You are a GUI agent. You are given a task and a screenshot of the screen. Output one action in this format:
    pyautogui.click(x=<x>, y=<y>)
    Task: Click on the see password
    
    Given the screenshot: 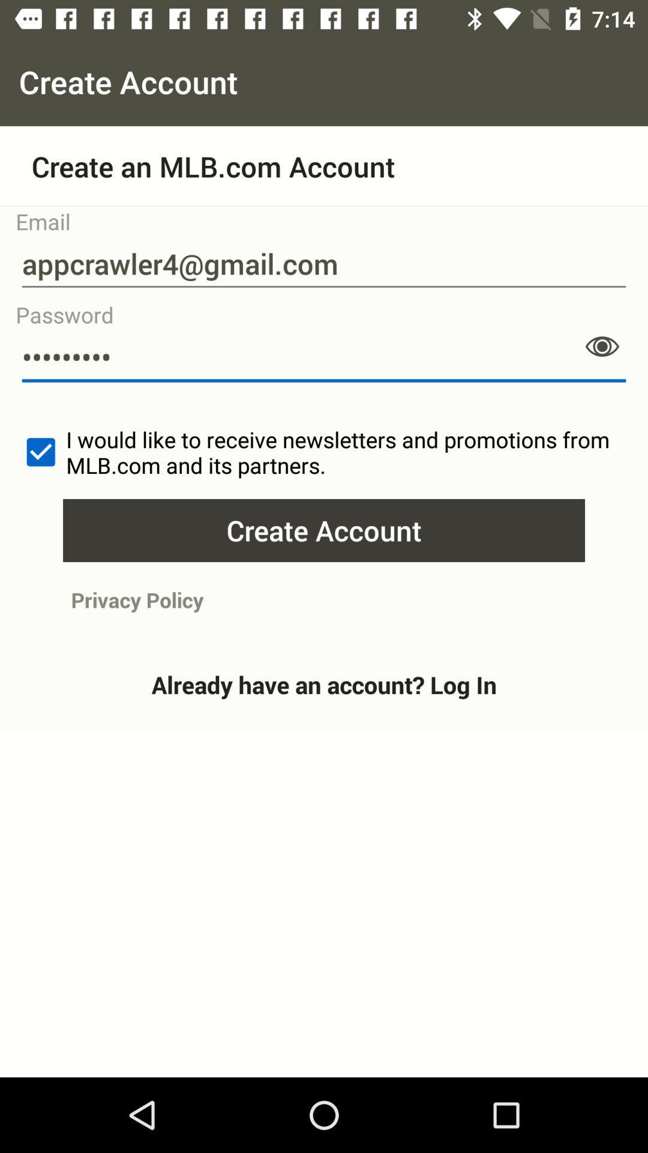 What is the action you would take?
    pyautogui.click(x=602, y=346)
    